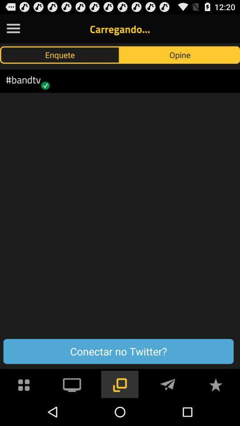 This screenshot has width=240, height=426. What do you see at coordinates (24, 383) in the screenshot?
I see `menu` at bounding box center [24, 383].